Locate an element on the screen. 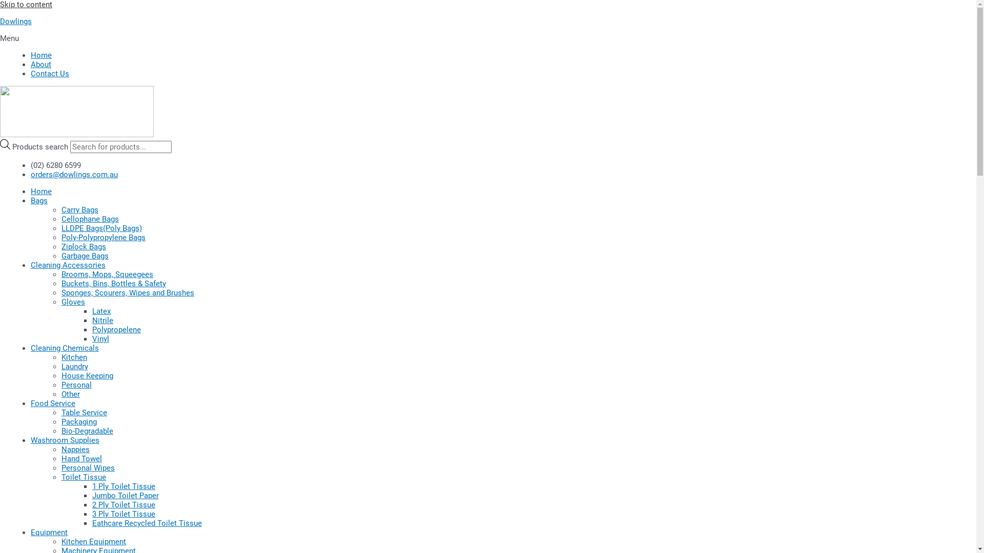 The image size is (984, 553). 'Brooms, Mops, Squeegees' is located at coordinates (107, 274).